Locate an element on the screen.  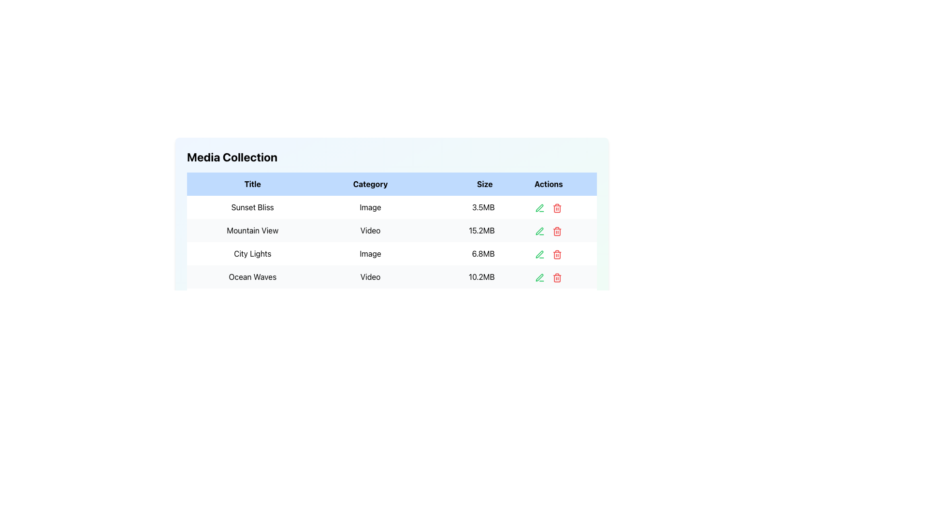
the spacer element located in the 'Actions' column between the green edit icon and the red delete icon in the first row of the table is located at coordinates (549, 206).